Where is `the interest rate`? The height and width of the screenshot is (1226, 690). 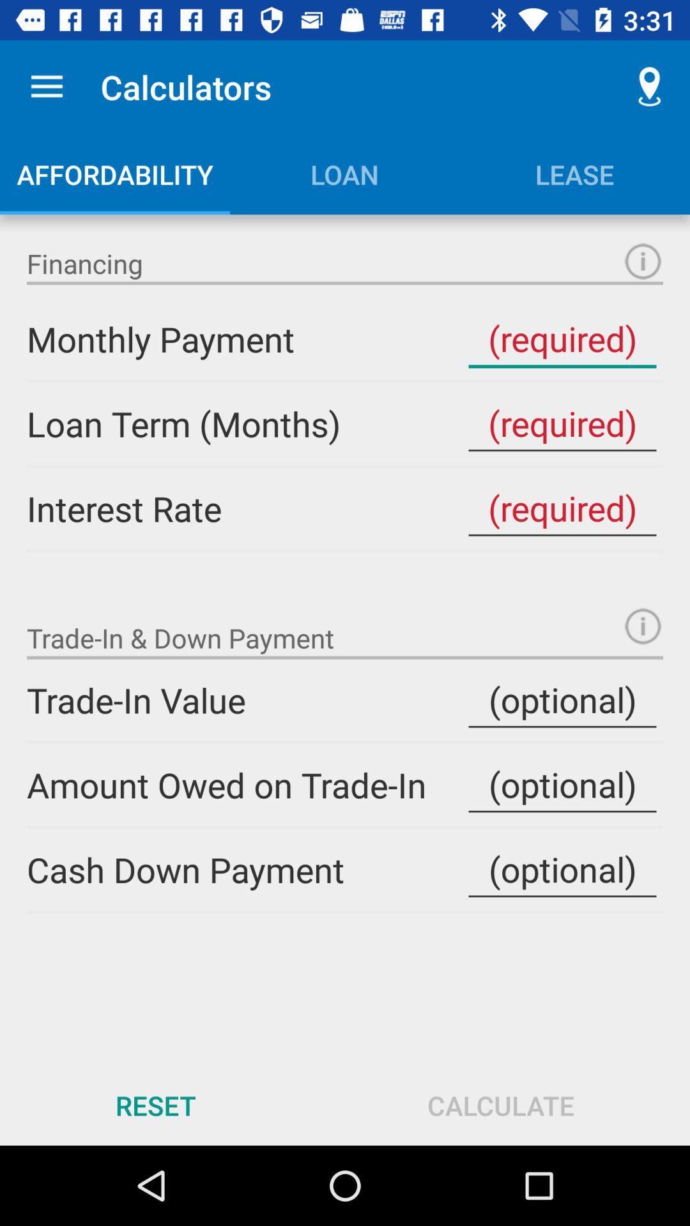 the interest rate is located at coordinates (562, 508).